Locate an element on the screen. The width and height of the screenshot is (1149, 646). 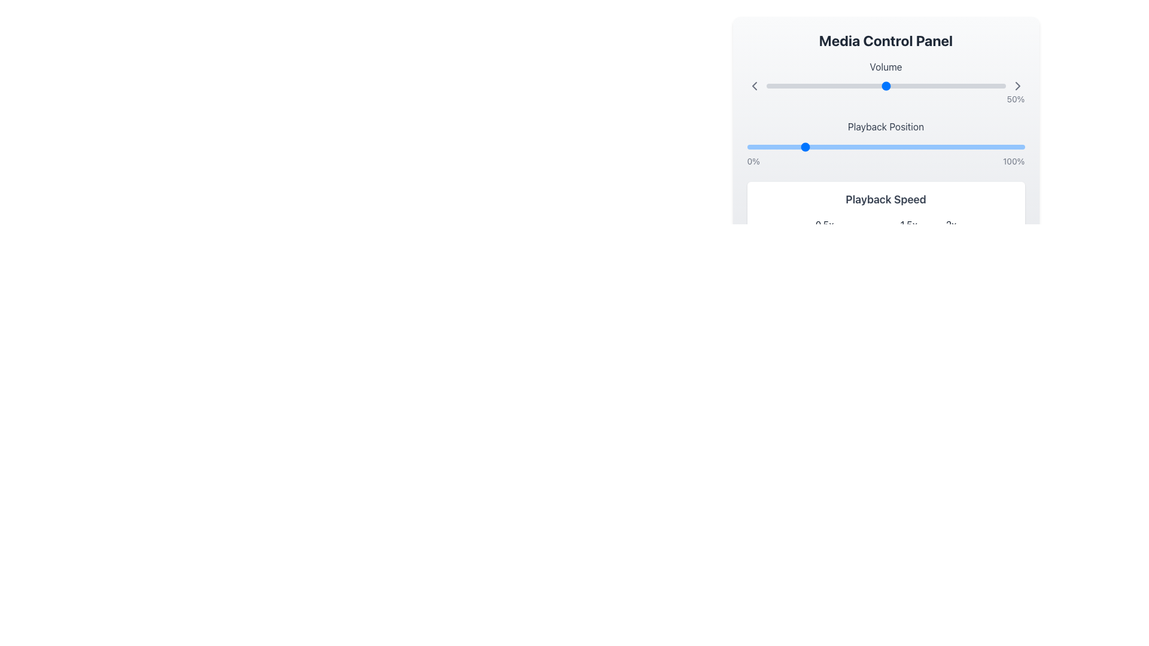
volume is located at coordinates (888, 85).